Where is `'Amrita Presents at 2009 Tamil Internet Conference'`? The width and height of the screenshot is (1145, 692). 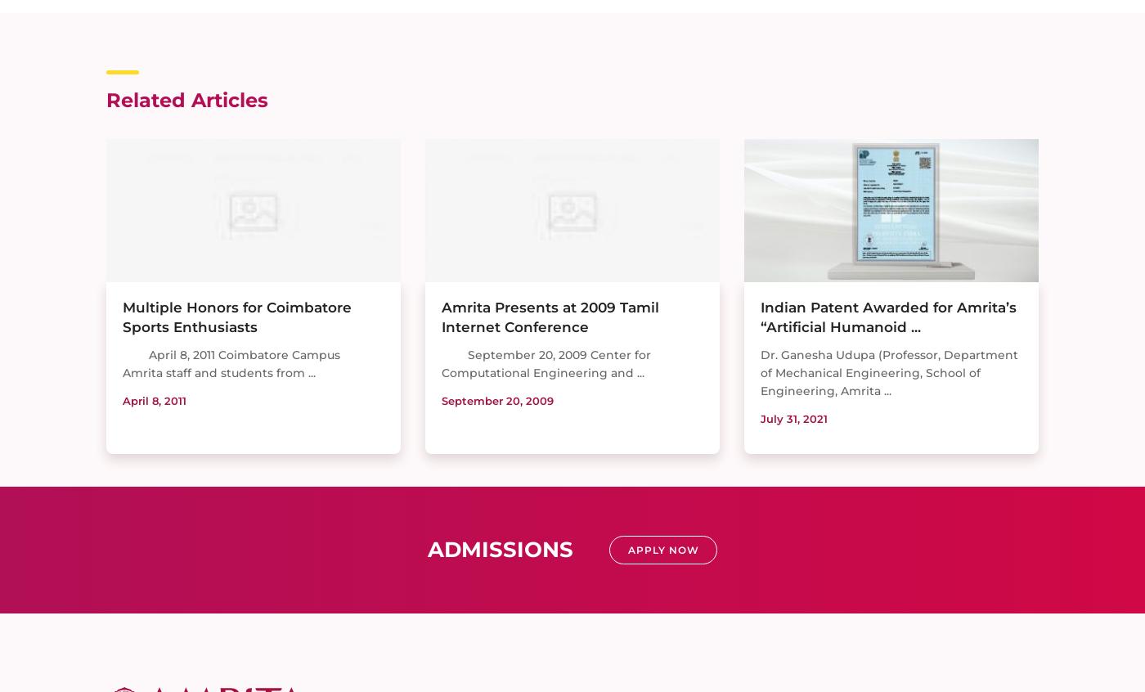
'Amrita Presents at 2009 Tamil Internet Conference' is located at coordinates (550, 317).